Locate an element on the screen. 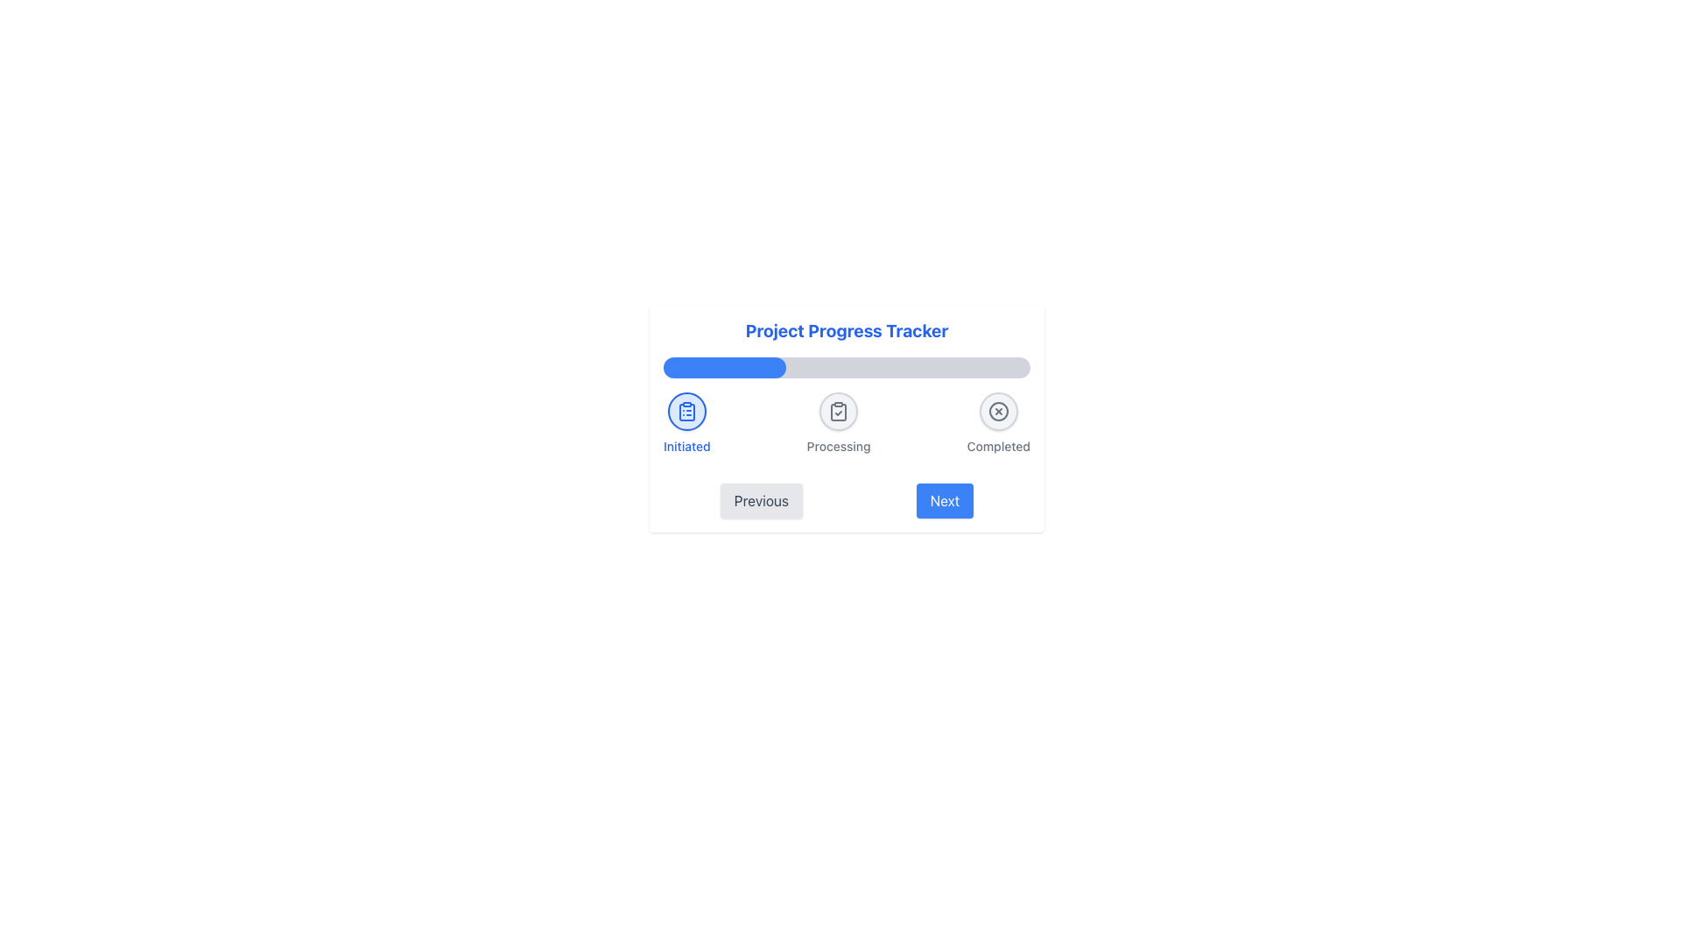 Image resolution: width=1681 pixels, height=946 pixels. the 'Previous' button located at the bottom of the 'Project Progress Tracker' interface is located at coordinates (761, 500).